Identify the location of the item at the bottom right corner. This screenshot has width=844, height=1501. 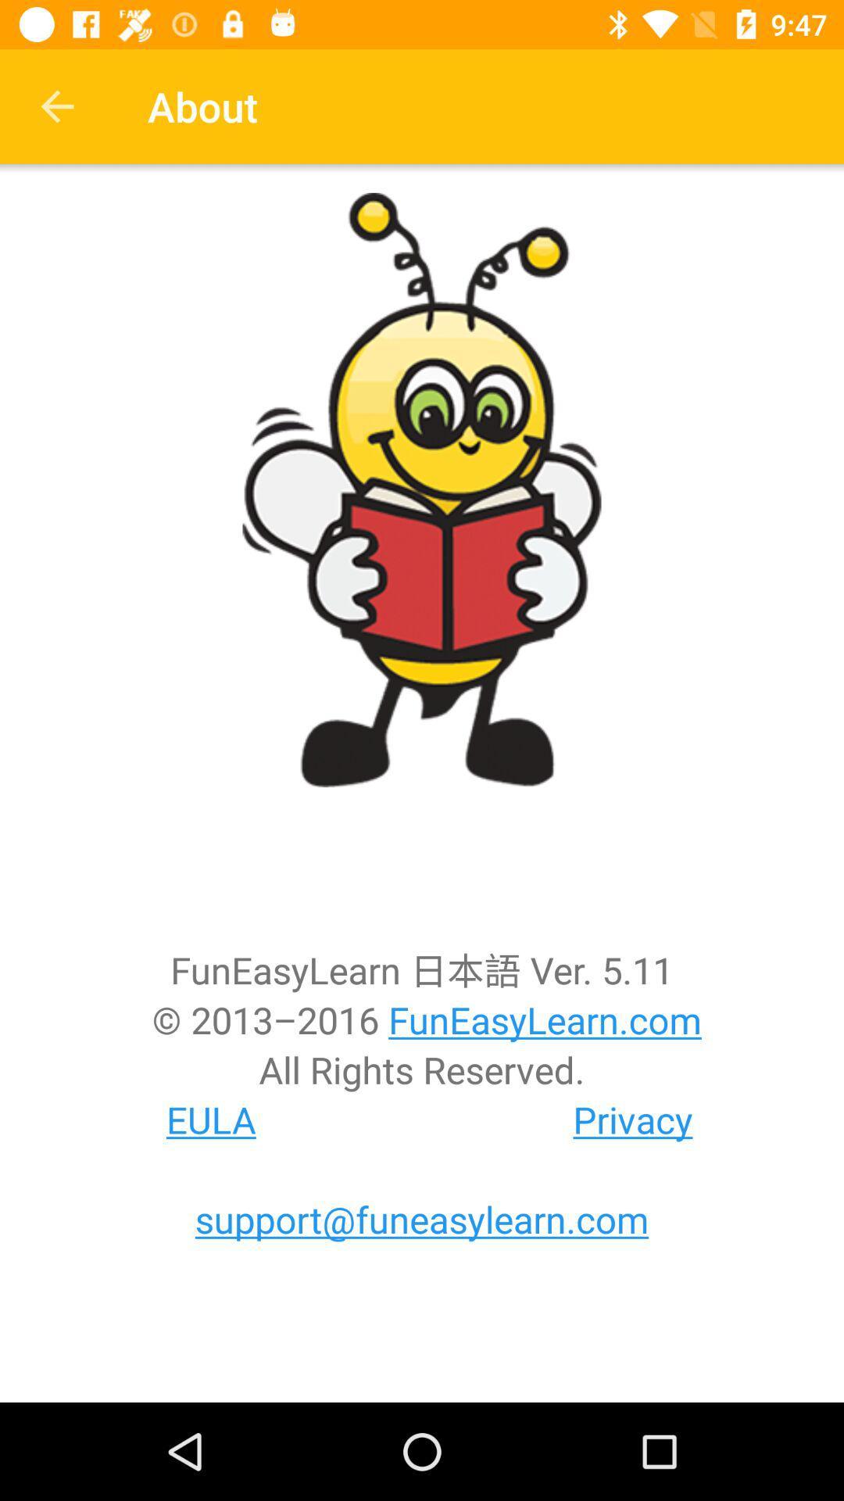
(633, 1119).